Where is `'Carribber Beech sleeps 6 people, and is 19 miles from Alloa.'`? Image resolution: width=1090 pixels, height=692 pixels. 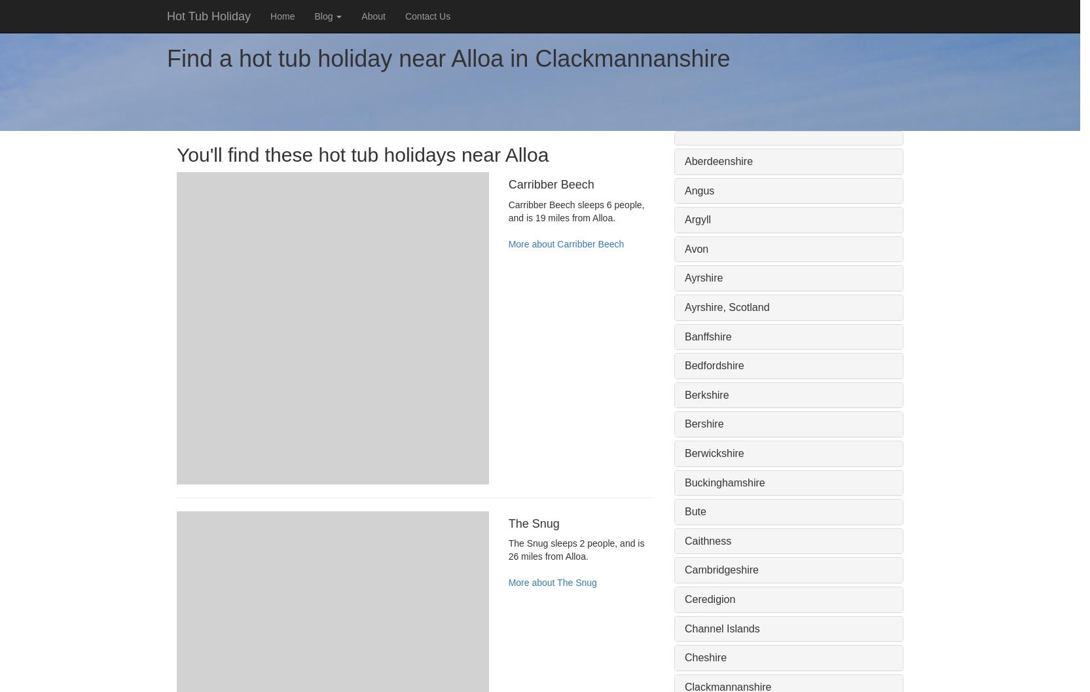 'Carribber Beech sleeps 6 people, and is 19 miles from Alloa.' is located at coordinates (507, 210).